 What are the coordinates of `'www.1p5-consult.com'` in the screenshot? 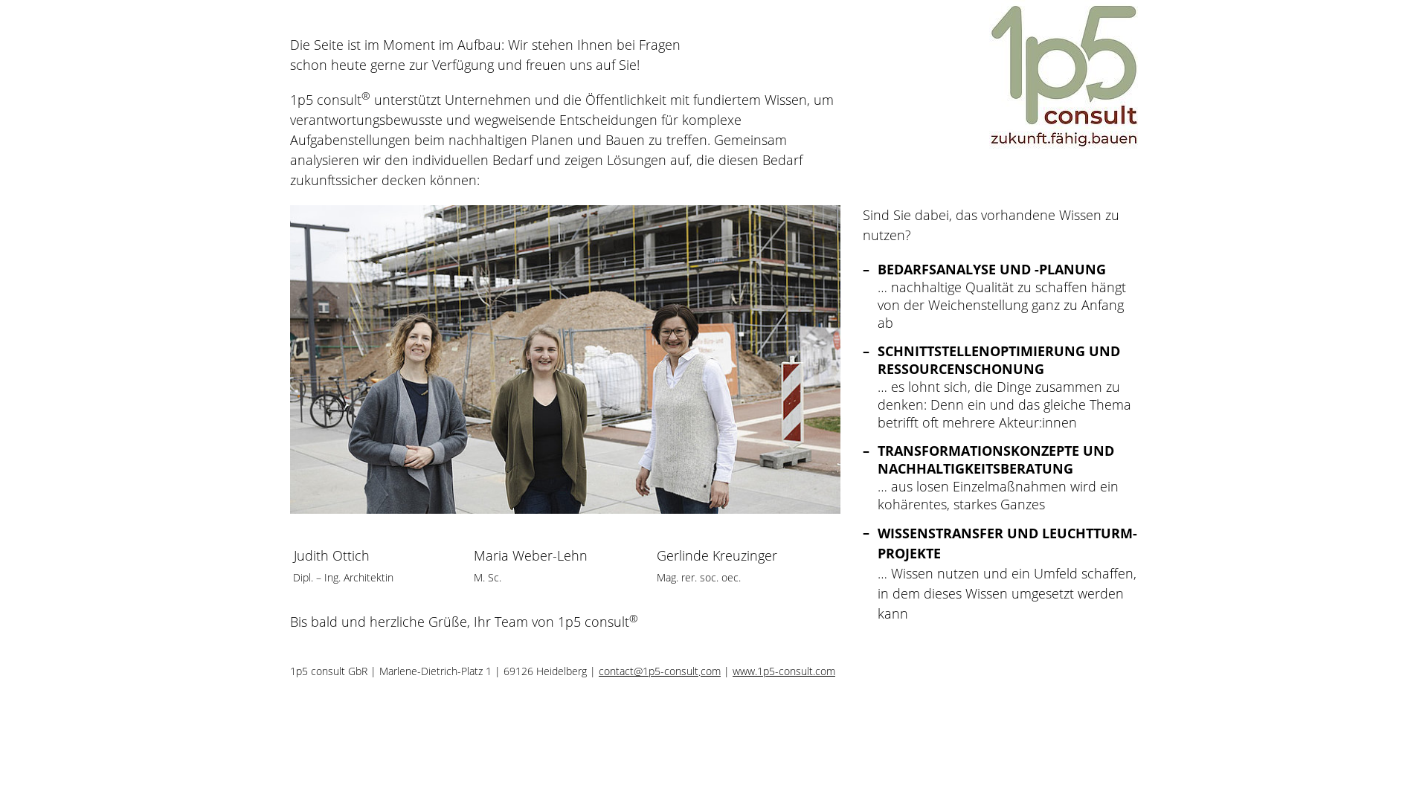 It's located at (783, 671).